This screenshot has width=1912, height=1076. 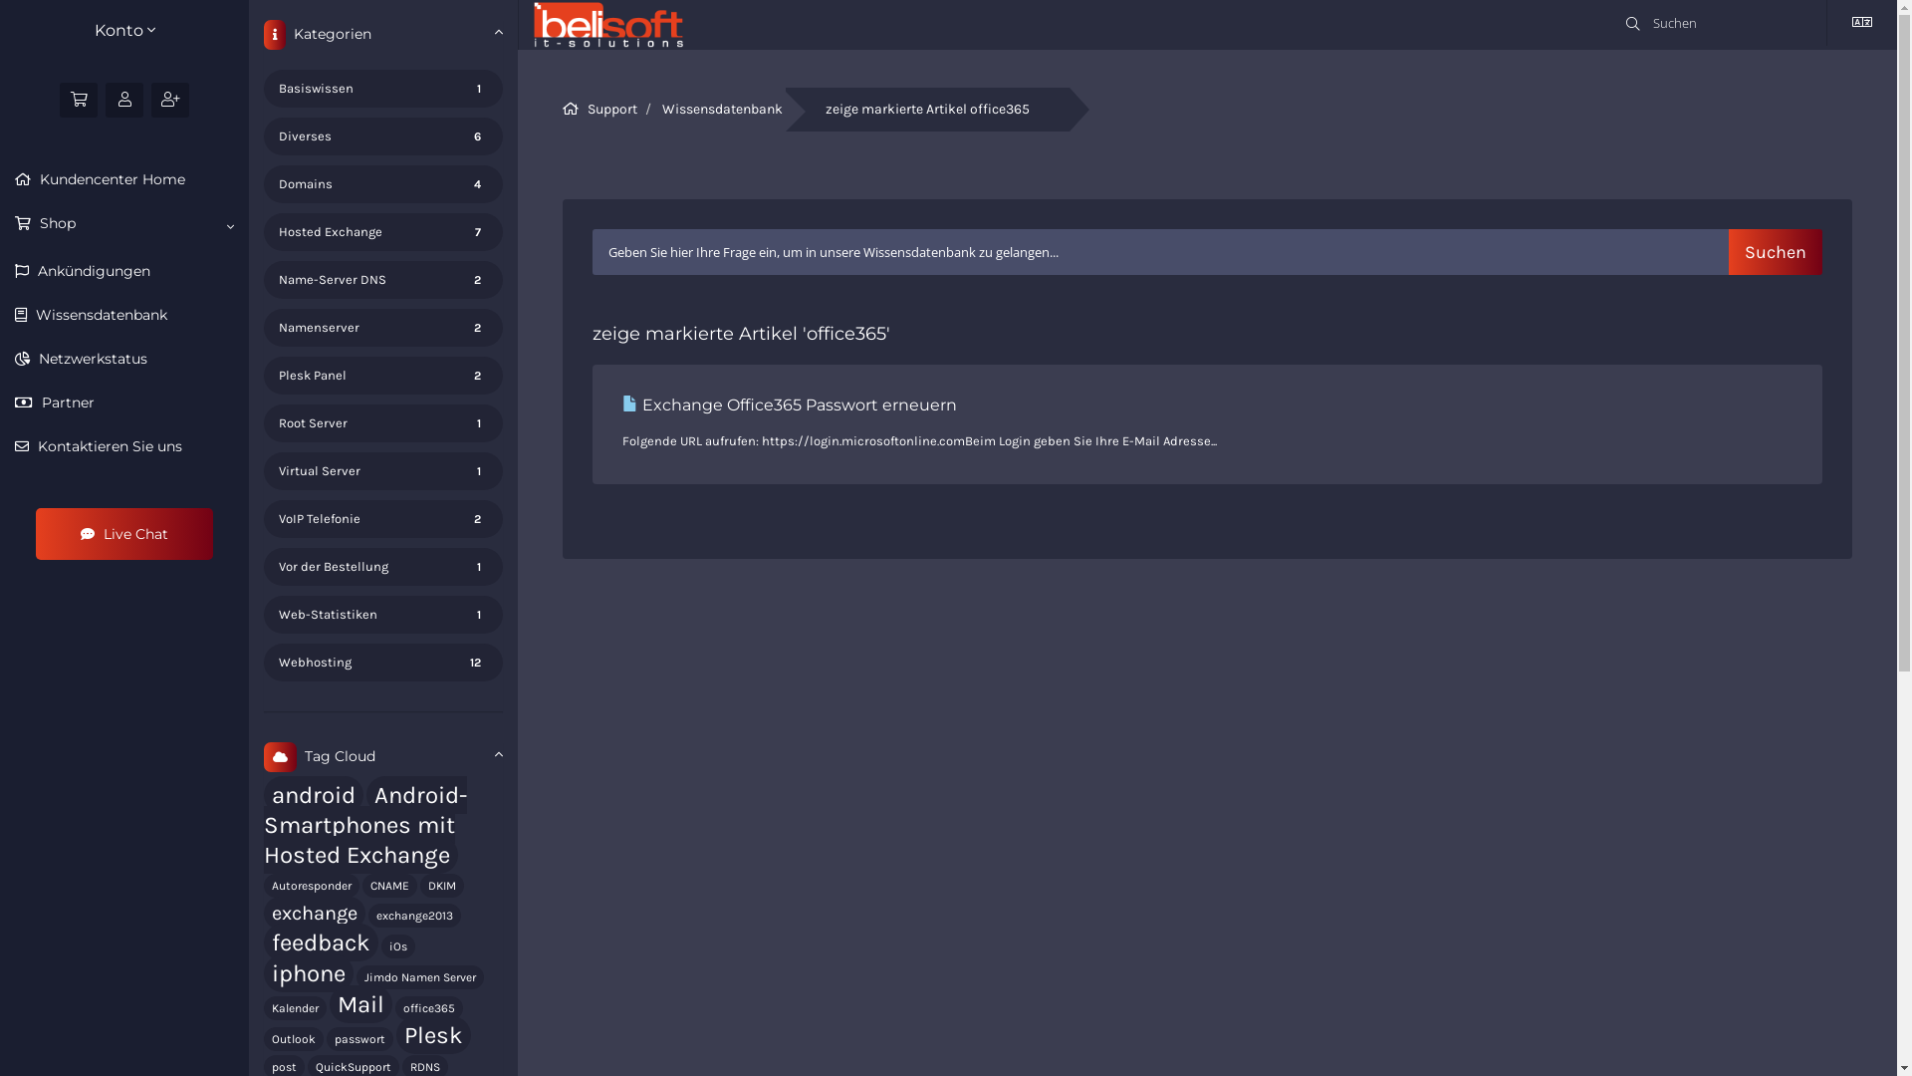 What do you see at coordinates (262, 184) in the screenshot?
I see `'4` at bounding box center [262, 184].